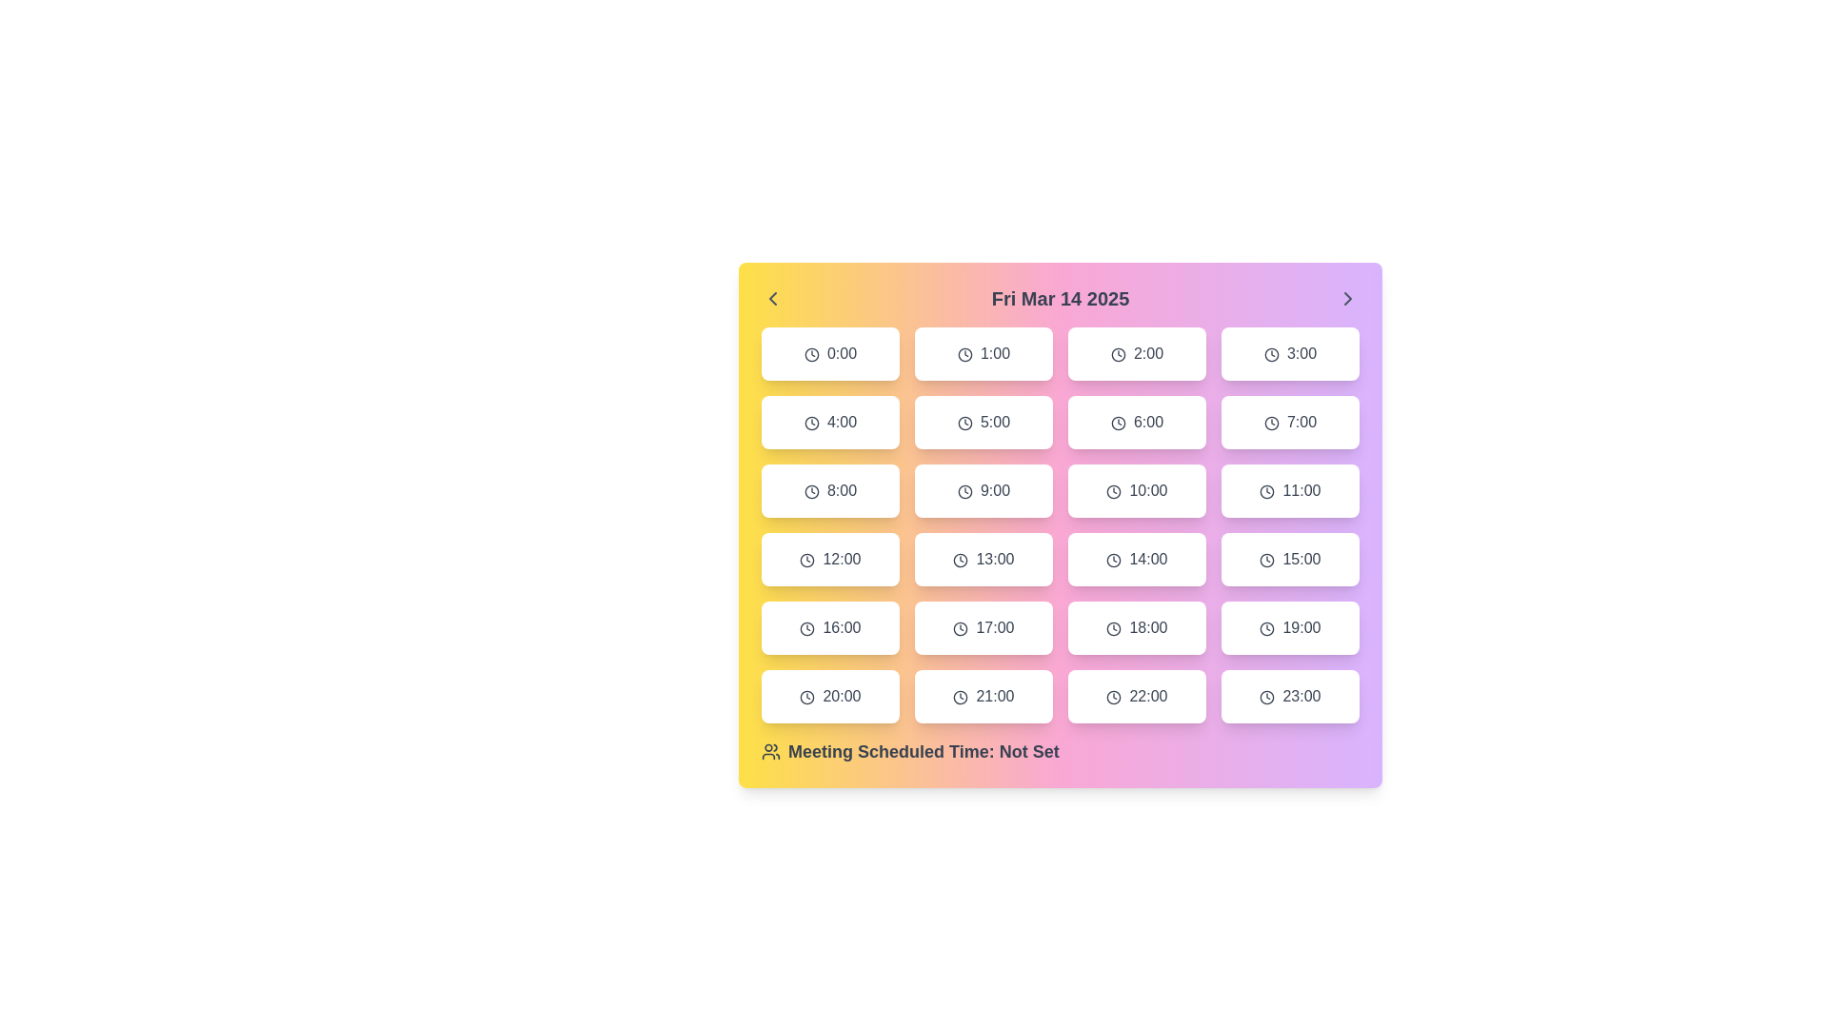 The width and height of the screenshot is (1828, 1028). What do you see at coordinates (984, 697) in the screenshot?
I see `the button displaying the time '21:00' with a clock icon` at bounding box center [984, 697].